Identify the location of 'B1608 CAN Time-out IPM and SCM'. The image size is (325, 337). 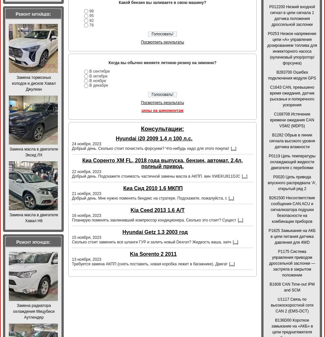
(292, 287).